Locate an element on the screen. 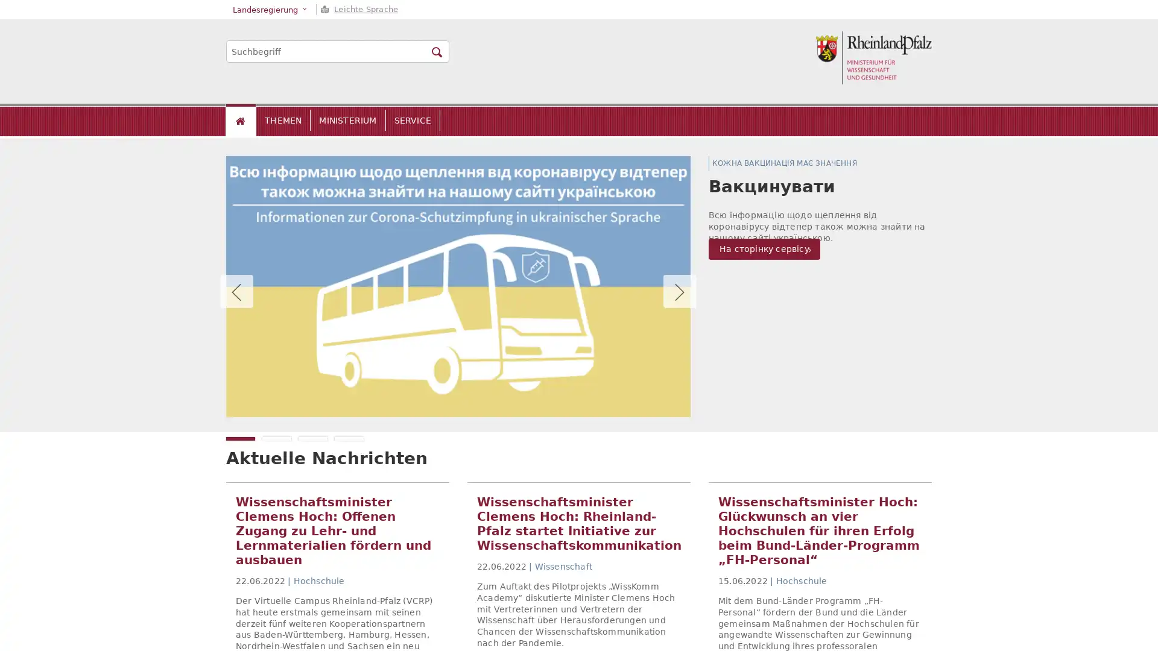 The width and height of the screenshot is (1158, 651). THEMEN is located at coordinates (282, 121).